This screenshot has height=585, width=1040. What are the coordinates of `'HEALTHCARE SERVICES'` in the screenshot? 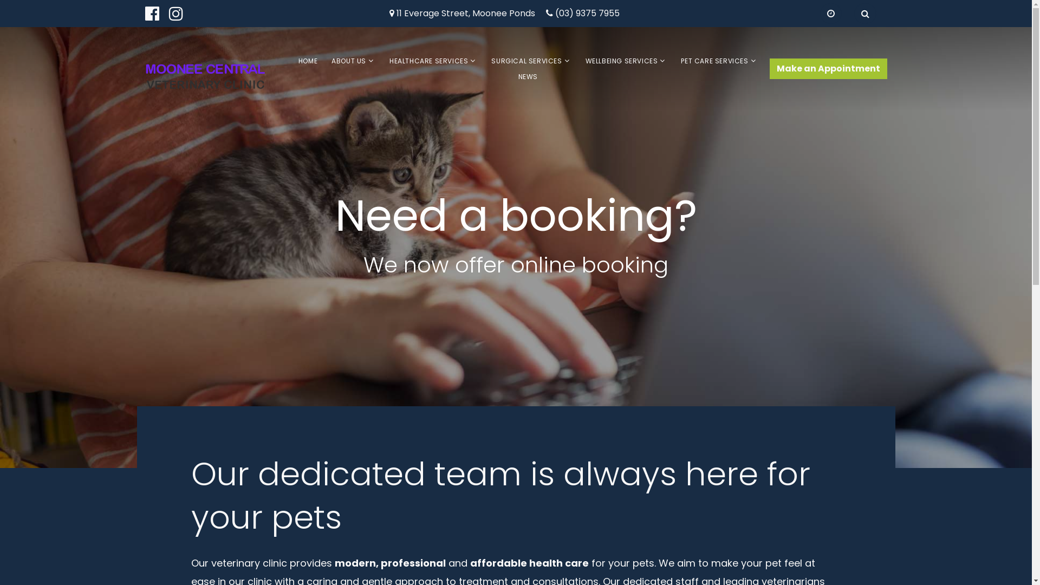 It's located at (428, 61).